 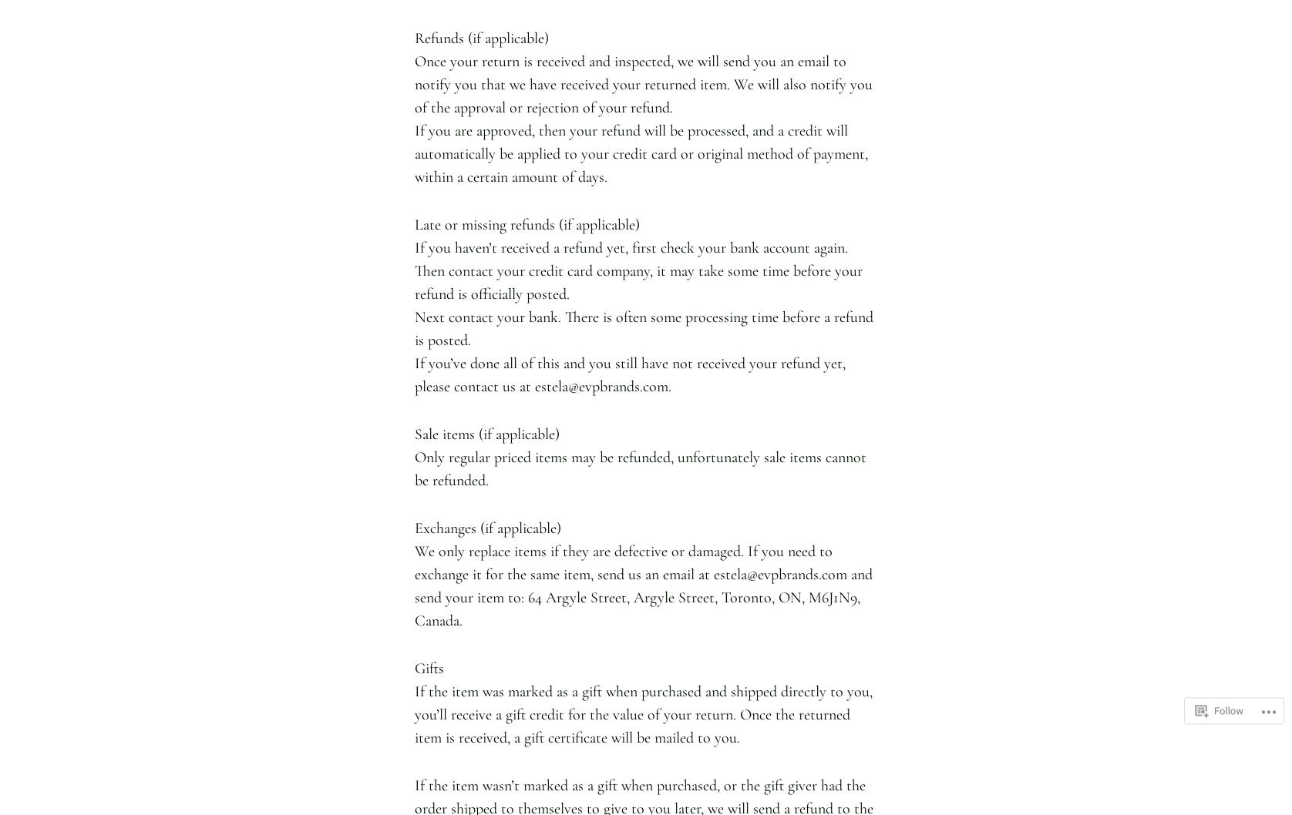 I want to click on 'If the item was marked as a gift when purchased and shipped directly to you, you’ll receive a gift credit for the value of your return. Once the returned item is received, a gift certificate will be mailed to you.', so click(x=642, y=714).